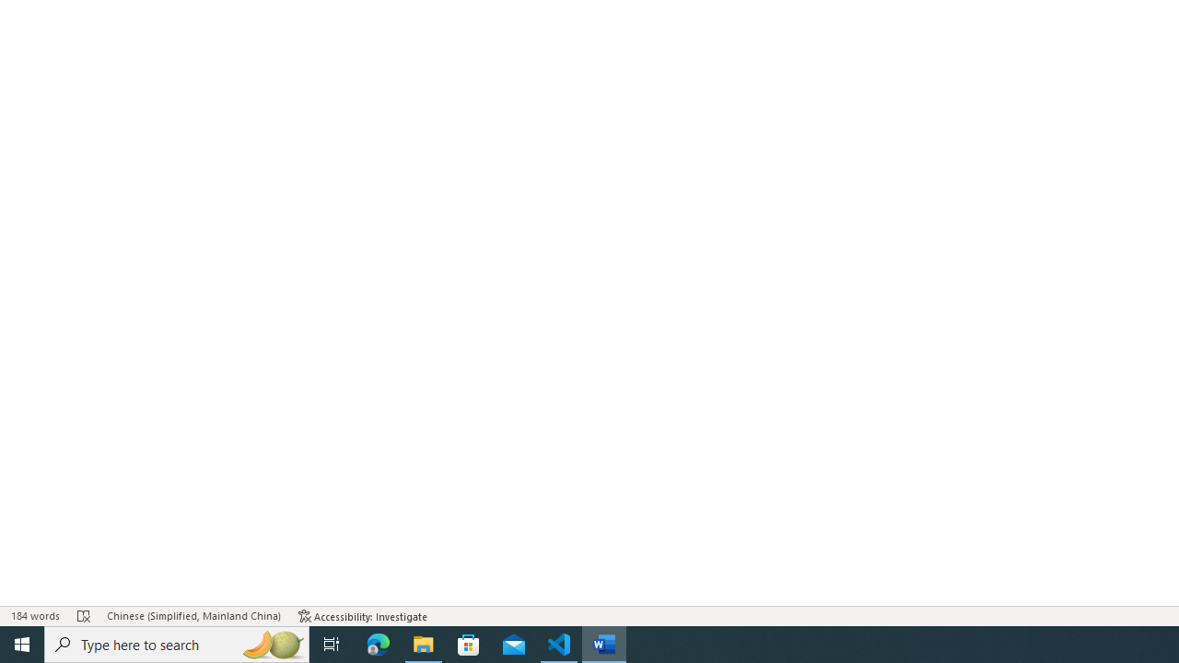 This screenshot has height=663, width=1179. I want to click on 'Language Chinese (Simplified, Mainland China)', so click(193, 616).